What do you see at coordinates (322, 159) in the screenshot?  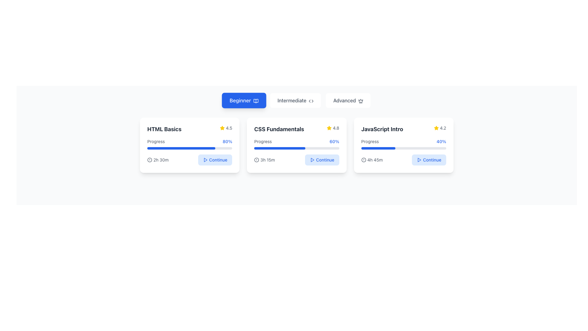 I see `the 'Continue' button with an embedded play icon` at bounding box center [322, 159].